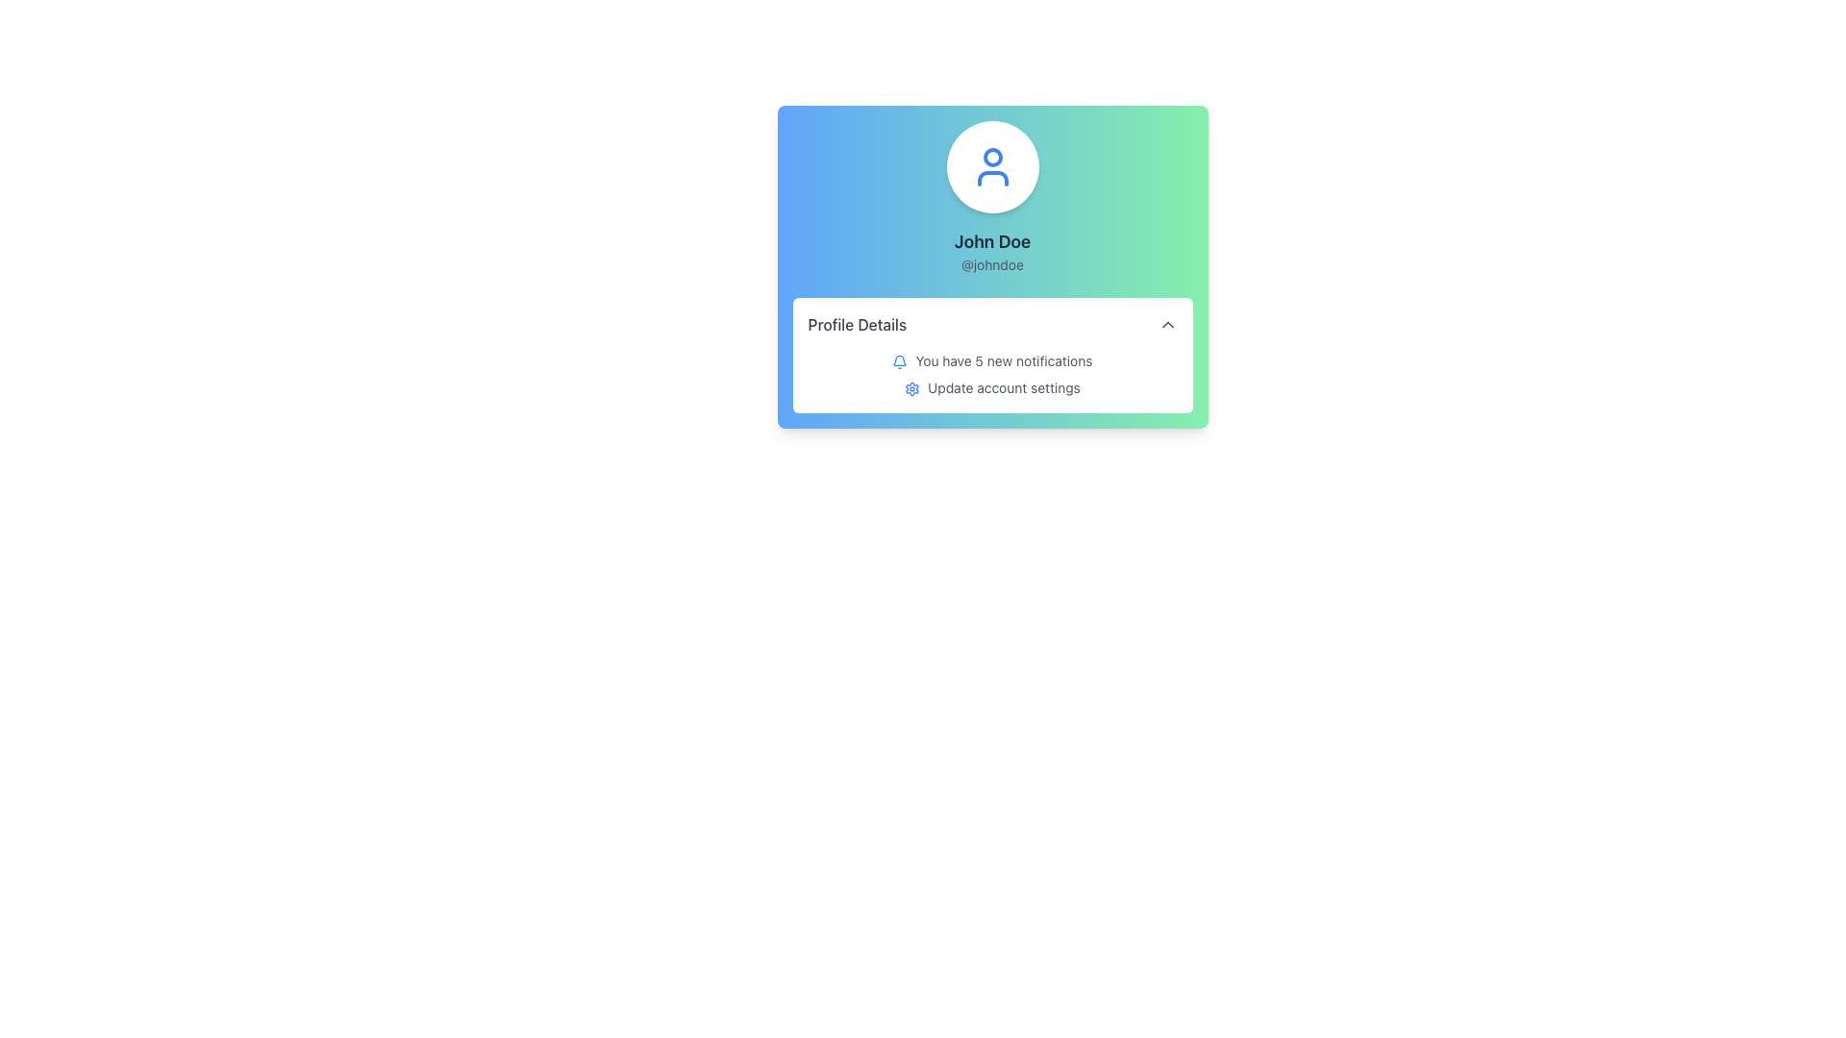 The height and width of the screenshot is (1038, 1846). What do you see at coordinates (856, 324) in the screenshot?
I see `the text label that serves as a title for a collapsible section related to the user's profile` at bounding box center [856, 324].